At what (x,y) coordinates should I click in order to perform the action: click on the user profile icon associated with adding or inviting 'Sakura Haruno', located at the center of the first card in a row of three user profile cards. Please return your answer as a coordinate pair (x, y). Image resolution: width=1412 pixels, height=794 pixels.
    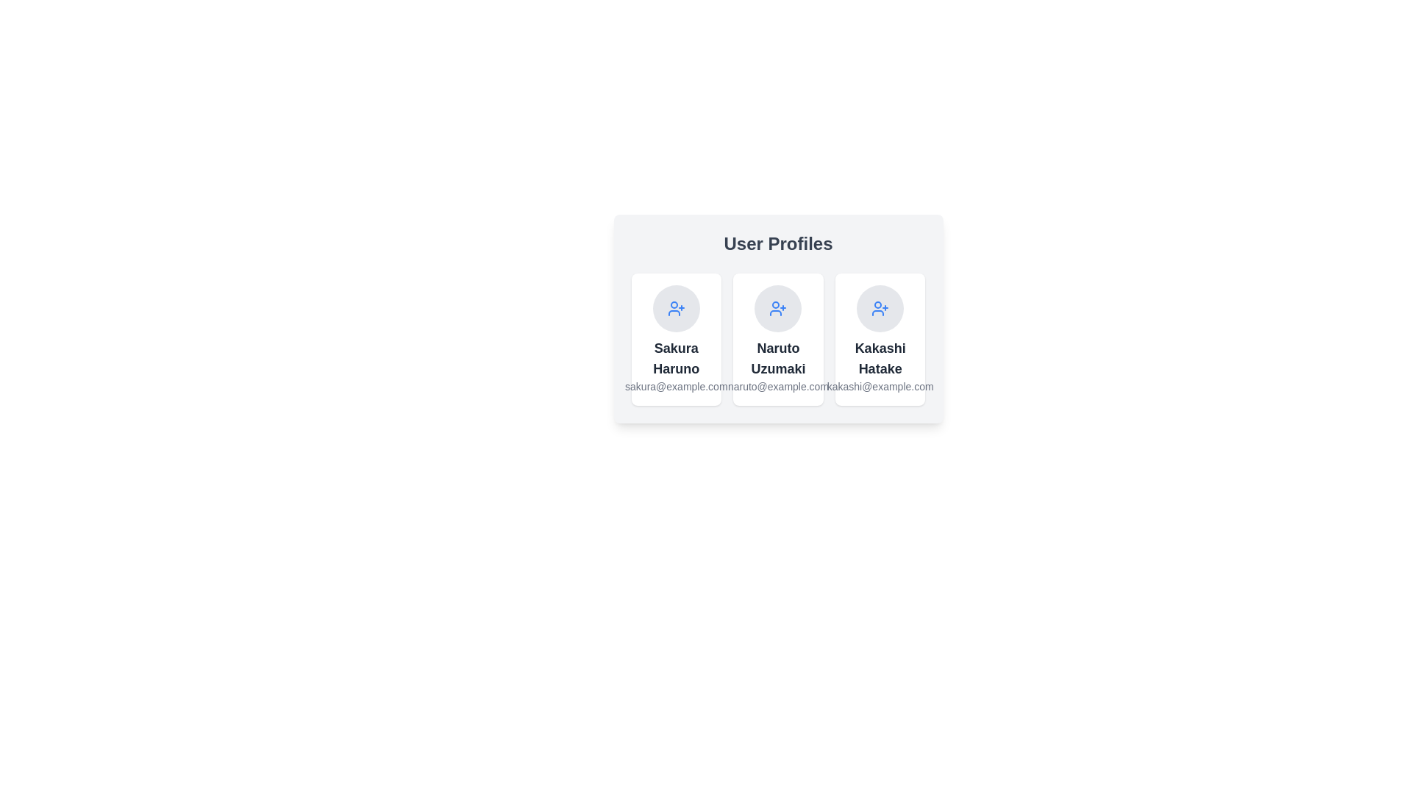
    Looking at the image, I should click on (675, 308).